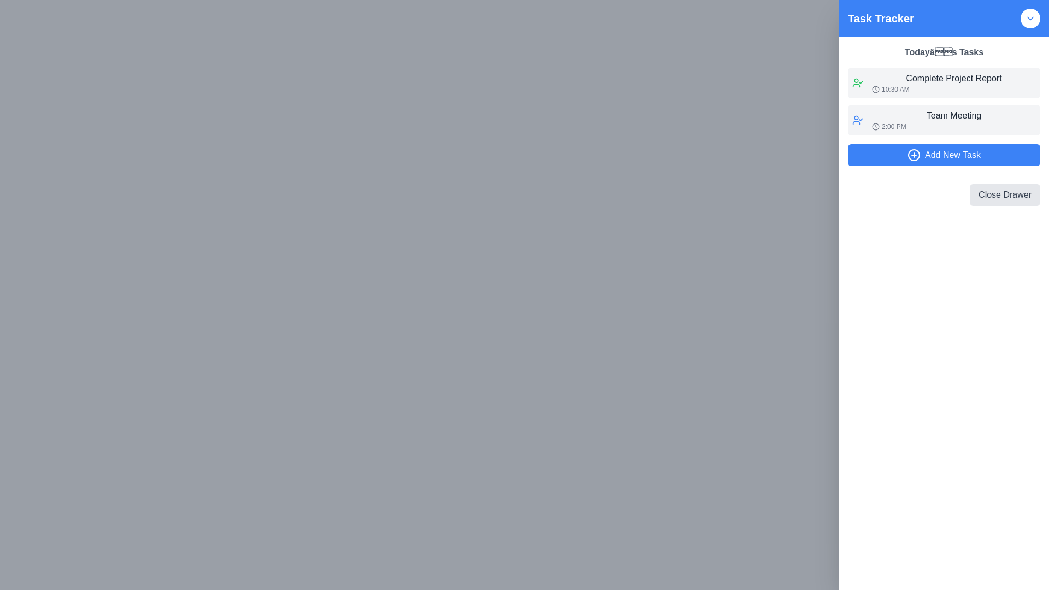 The height and width of the screenshot is (590, 1049). I want to click on the static text label indicating the 'Team Meeting' scheduled at 2:00 PM, located in the second list item of the 'Today's Tasks' section, so click(953, 120).